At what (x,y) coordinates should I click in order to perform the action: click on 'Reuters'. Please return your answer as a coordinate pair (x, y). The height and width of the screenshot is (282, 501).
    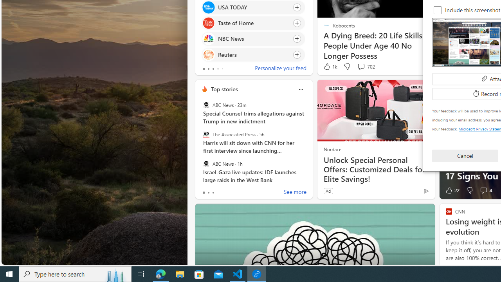
    Looking at the image, I should click on (208, 54).